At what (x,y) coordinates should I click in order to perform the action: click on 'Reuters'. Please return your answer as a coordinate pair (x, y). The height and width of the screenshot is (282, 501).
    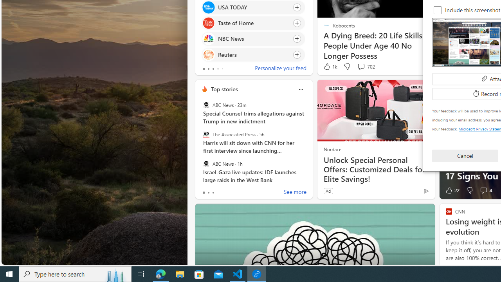
    Looking at the image, I should click on (208, 54).